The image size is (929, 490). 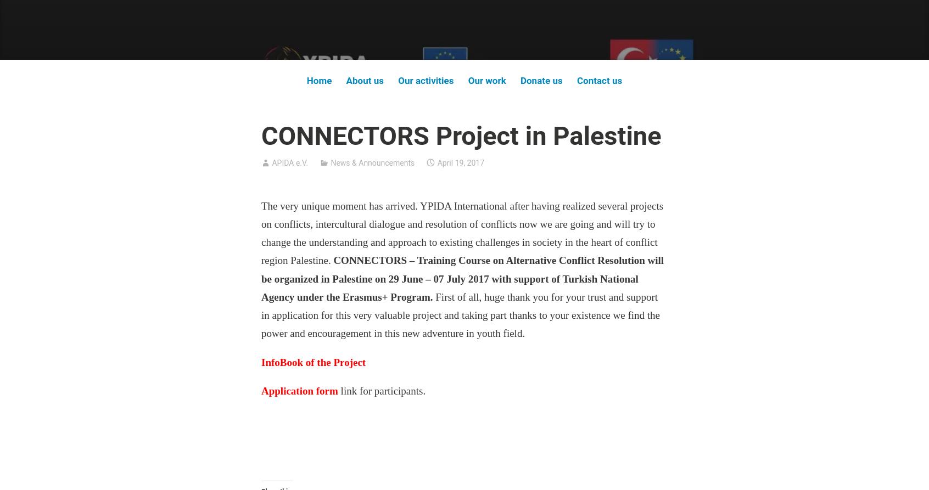 What do you see at coordinates (382, 390) in the screenshot?
I see `'link for participants.'` at bounding box center [382, 390].